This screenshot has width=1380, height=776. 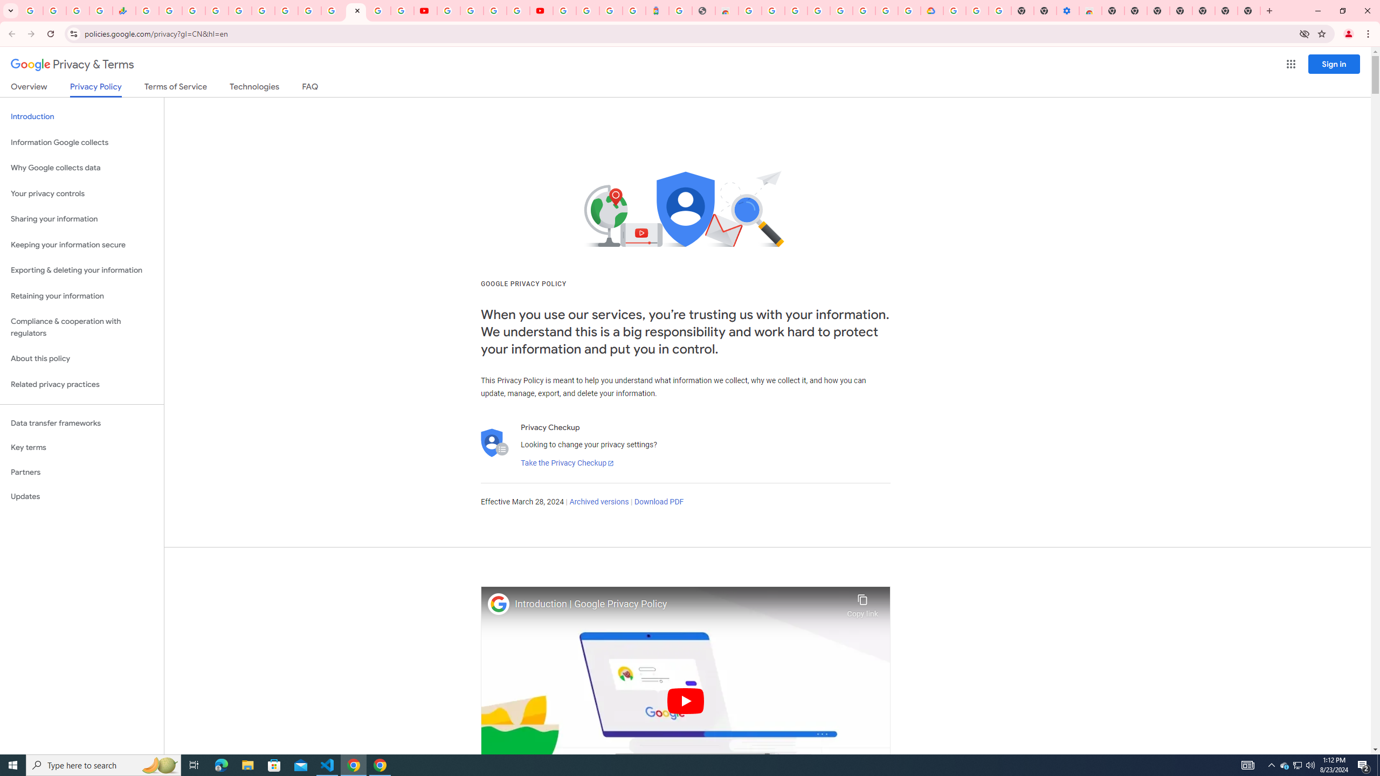 What do you see at coordinates (448, 10) in the screenshot?
I see `'YouTube'` at bounding box center [448, 10].